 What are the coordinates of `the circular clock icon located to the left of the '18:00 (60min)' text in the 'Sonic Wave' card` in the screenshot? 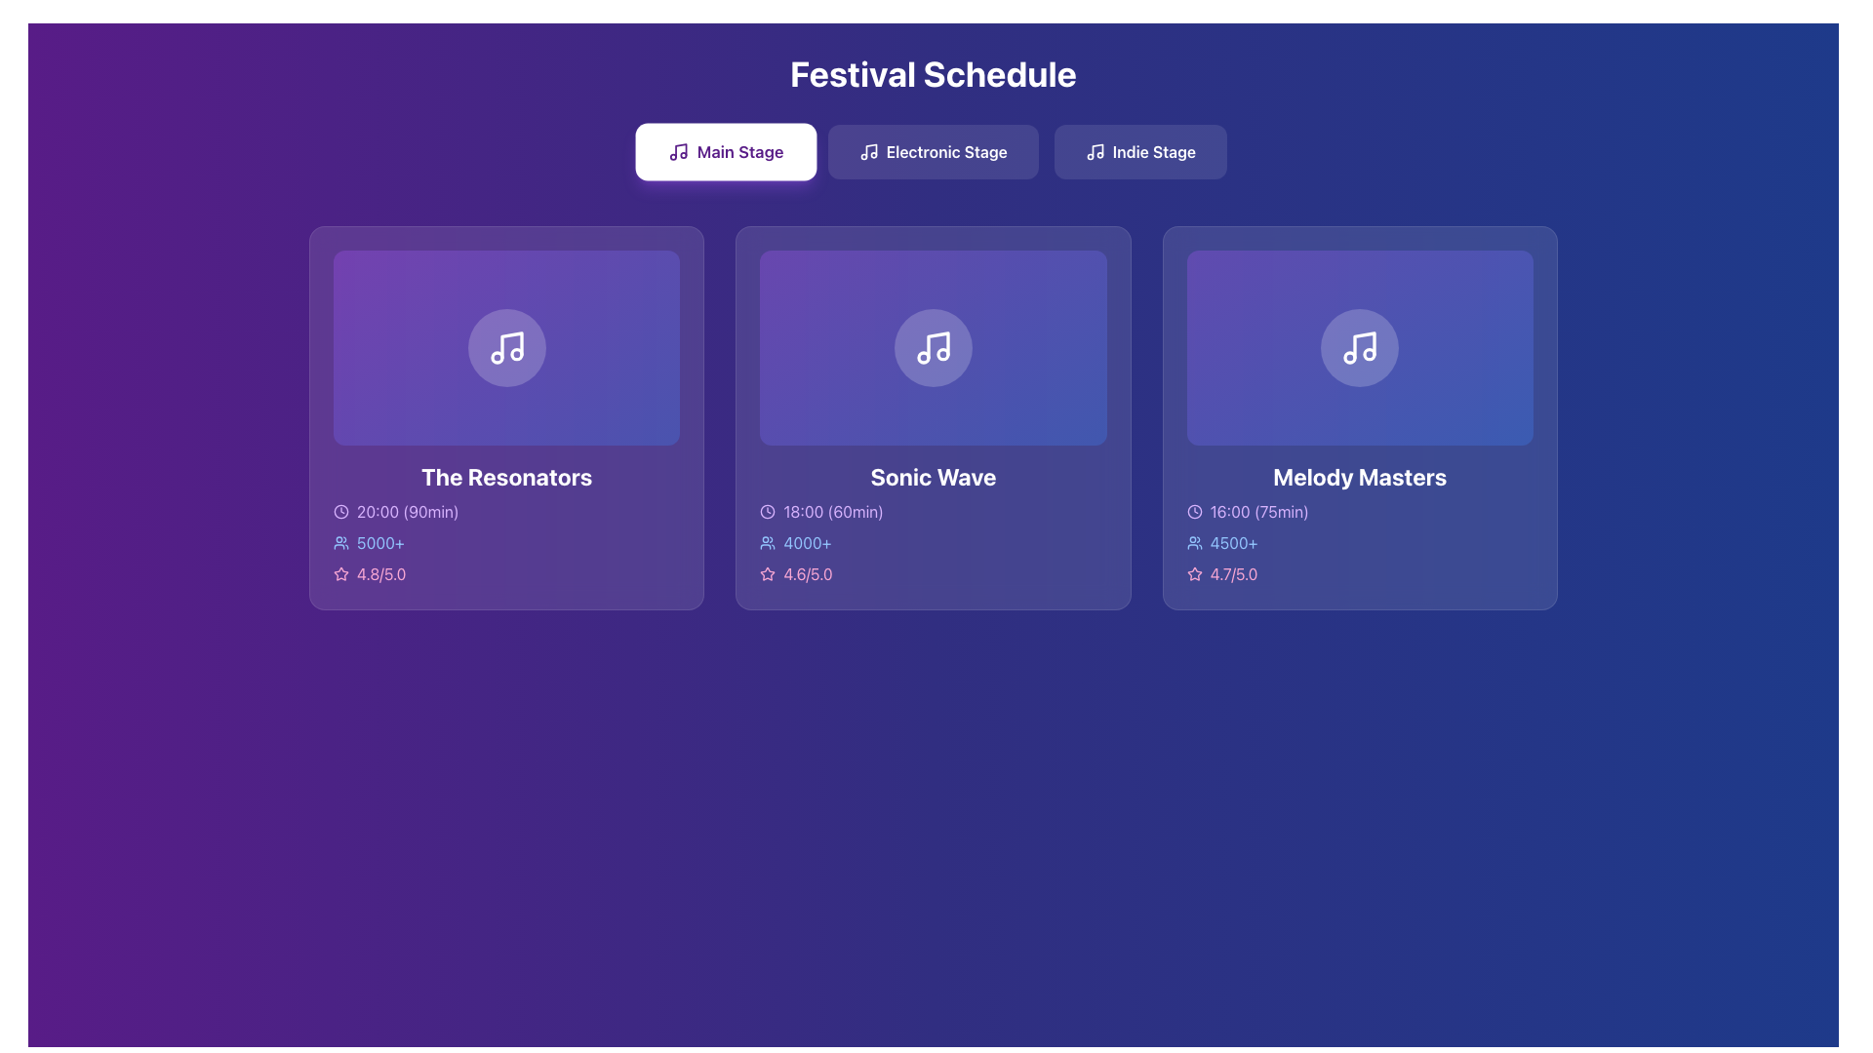 It's located at (767, 510).